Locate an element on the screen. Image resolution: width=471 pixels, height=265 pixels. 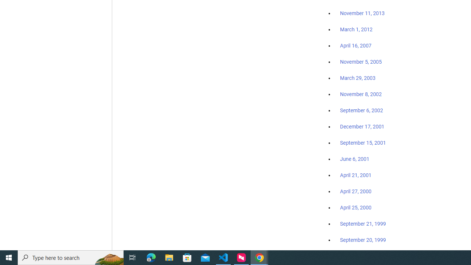
'September 20, 1999' is located at coordinates (363, 240).